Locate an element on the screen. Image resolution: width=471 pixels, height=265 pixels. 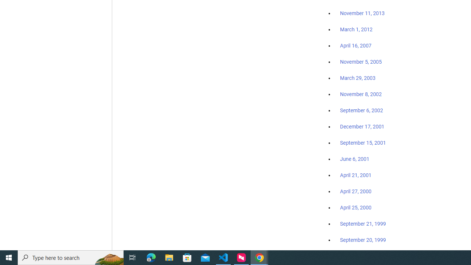
'September 20, 1999' is located at coordinates (363, 240).